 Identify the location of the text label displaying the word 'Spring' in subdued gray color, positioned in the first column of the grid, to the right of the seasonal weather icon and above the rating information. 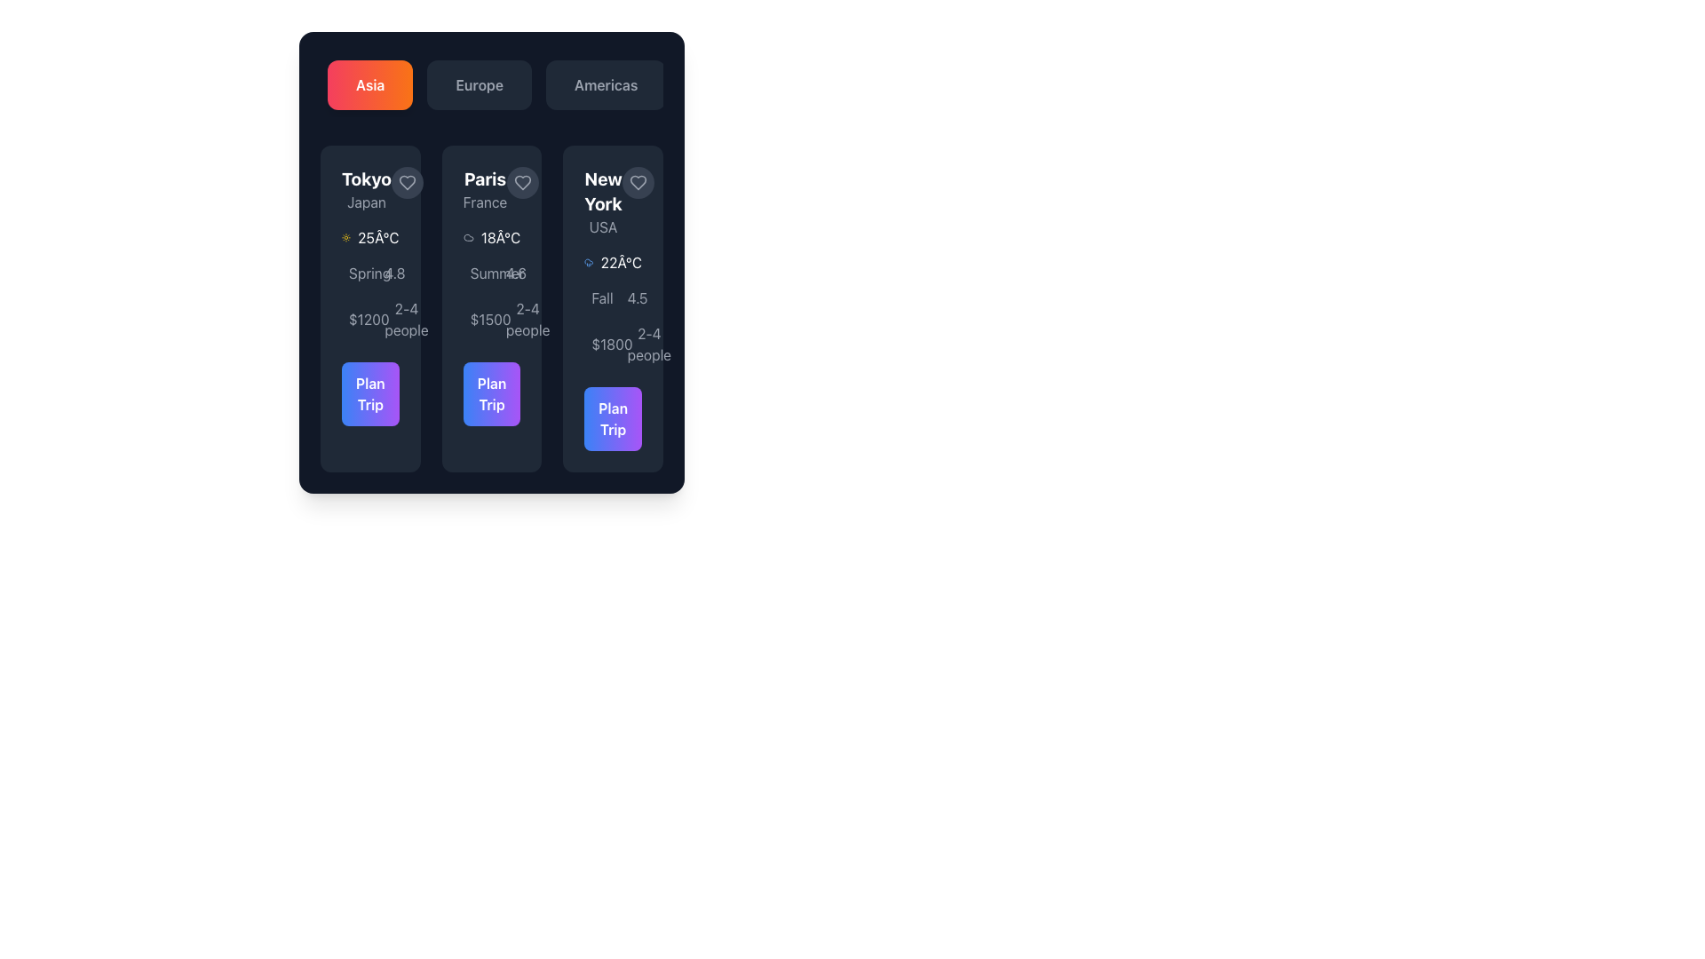
(353, 273).